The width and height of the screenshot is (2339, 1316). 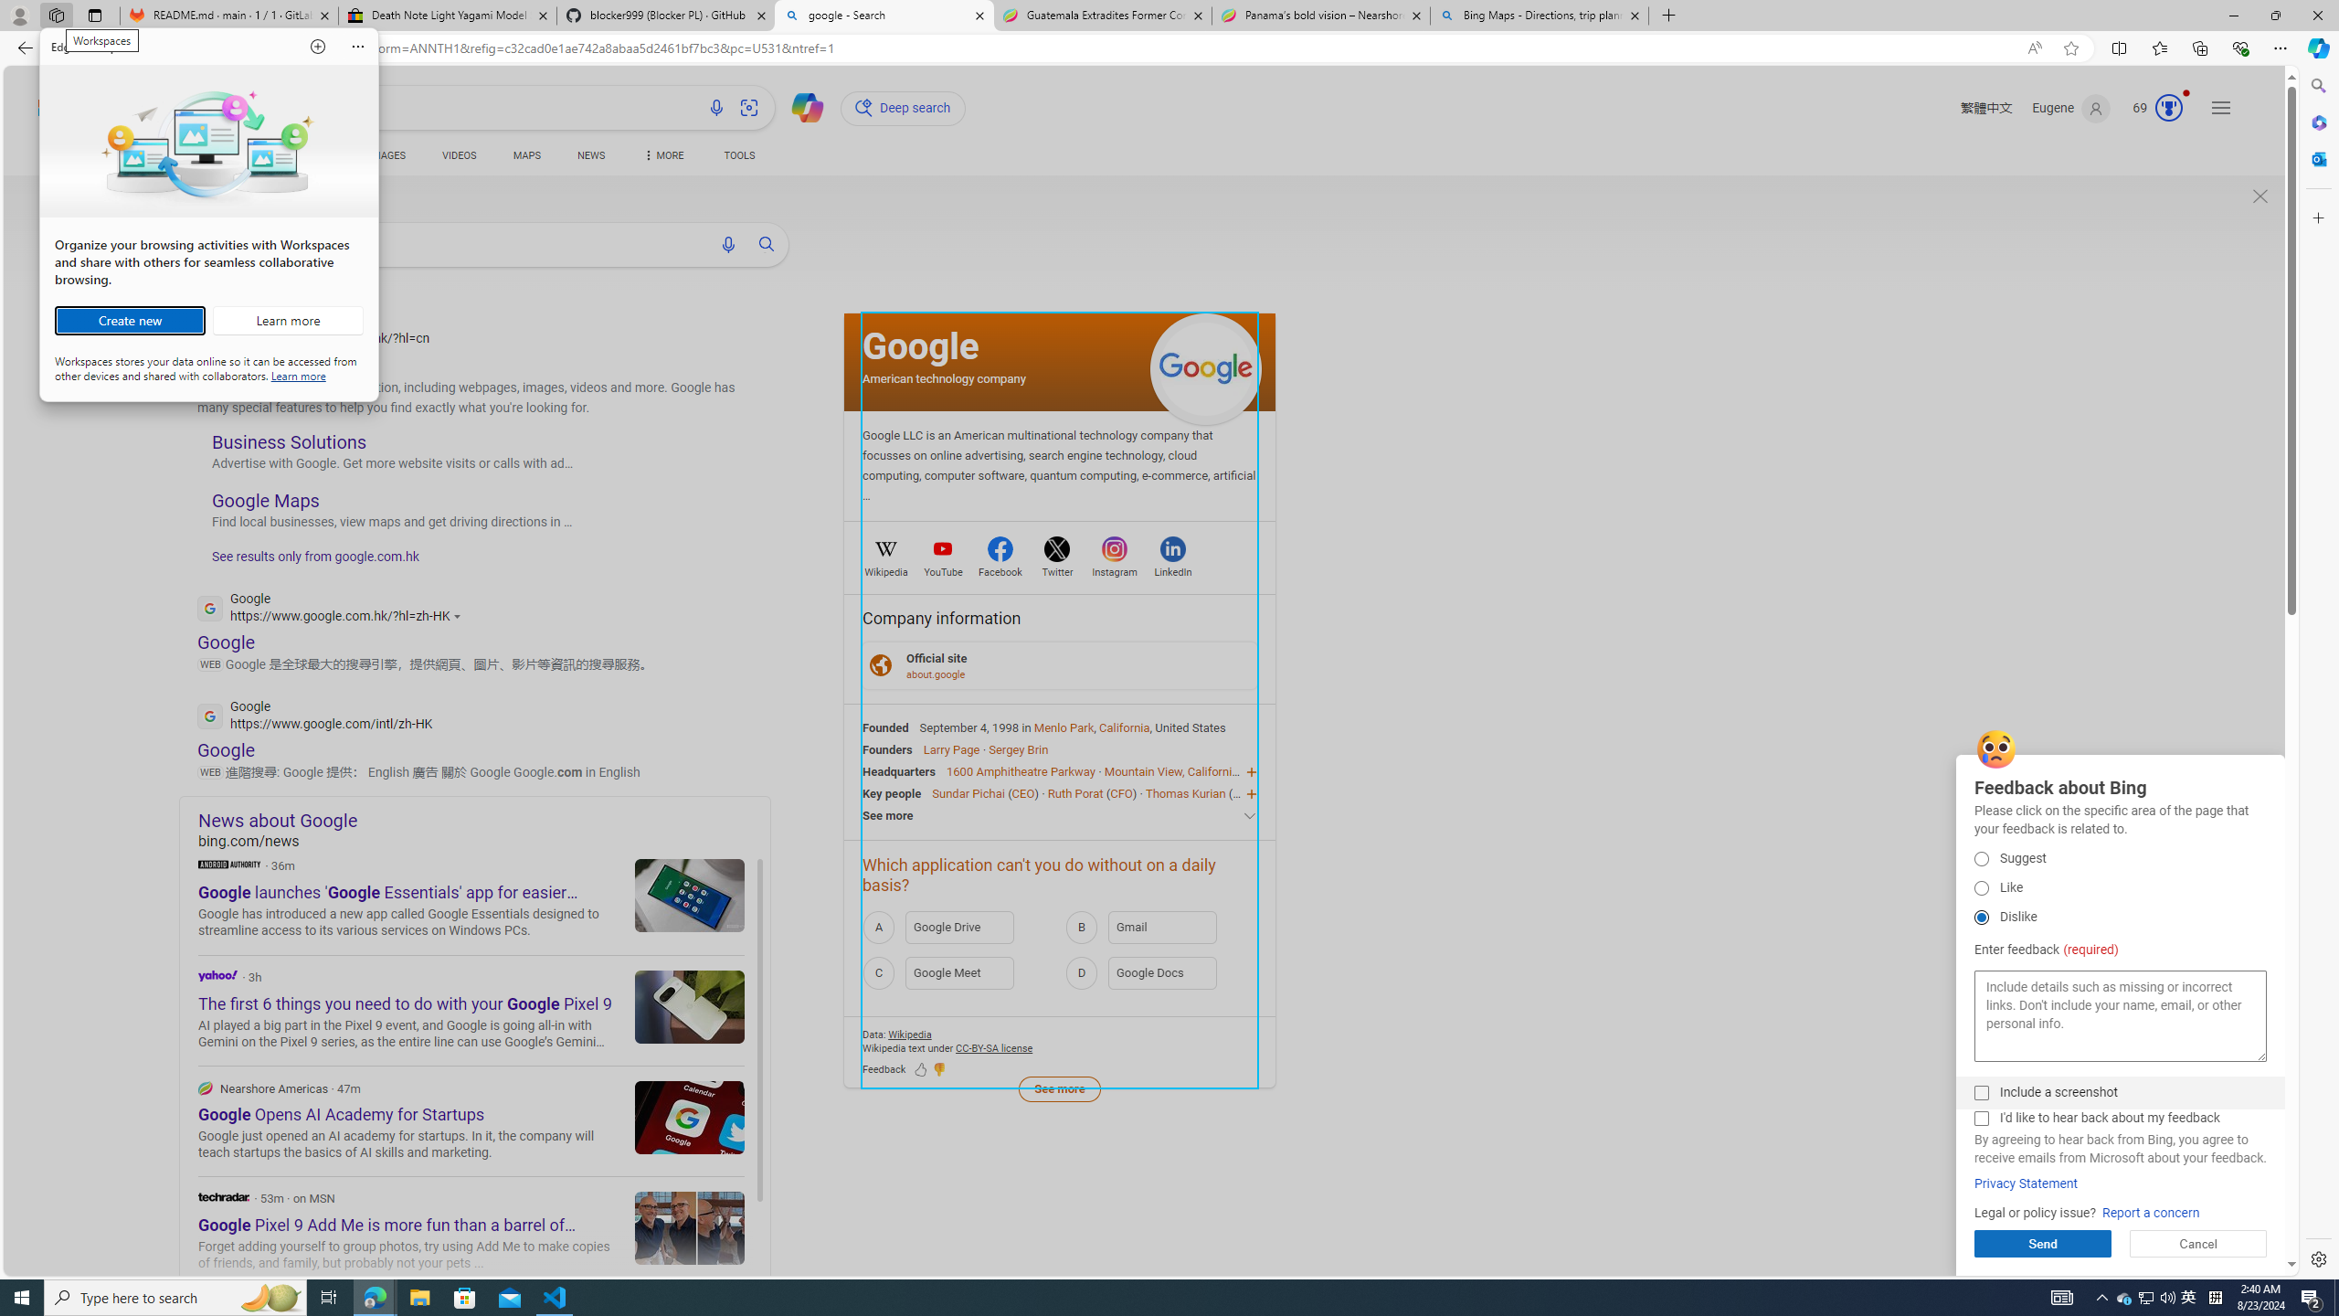 What do you see at coordinates (286, 321) in the screenshot?
I see `'Learn more about Workspaces'` at bounding box center [286, 321].